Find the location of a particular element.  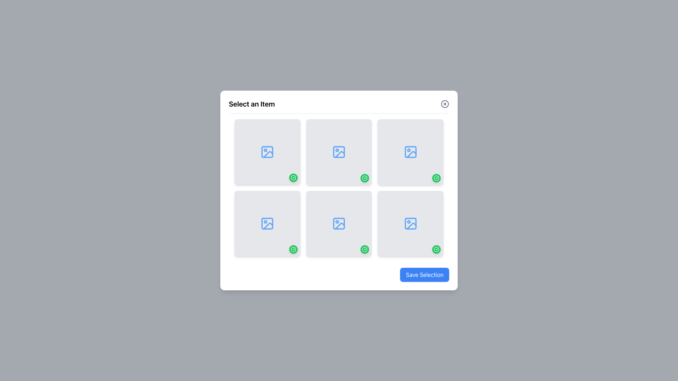

the small rounded rectangle located in the upper-left section of the graphical icon resembling an image to trigger hover states is located at coordinates (267, 223).